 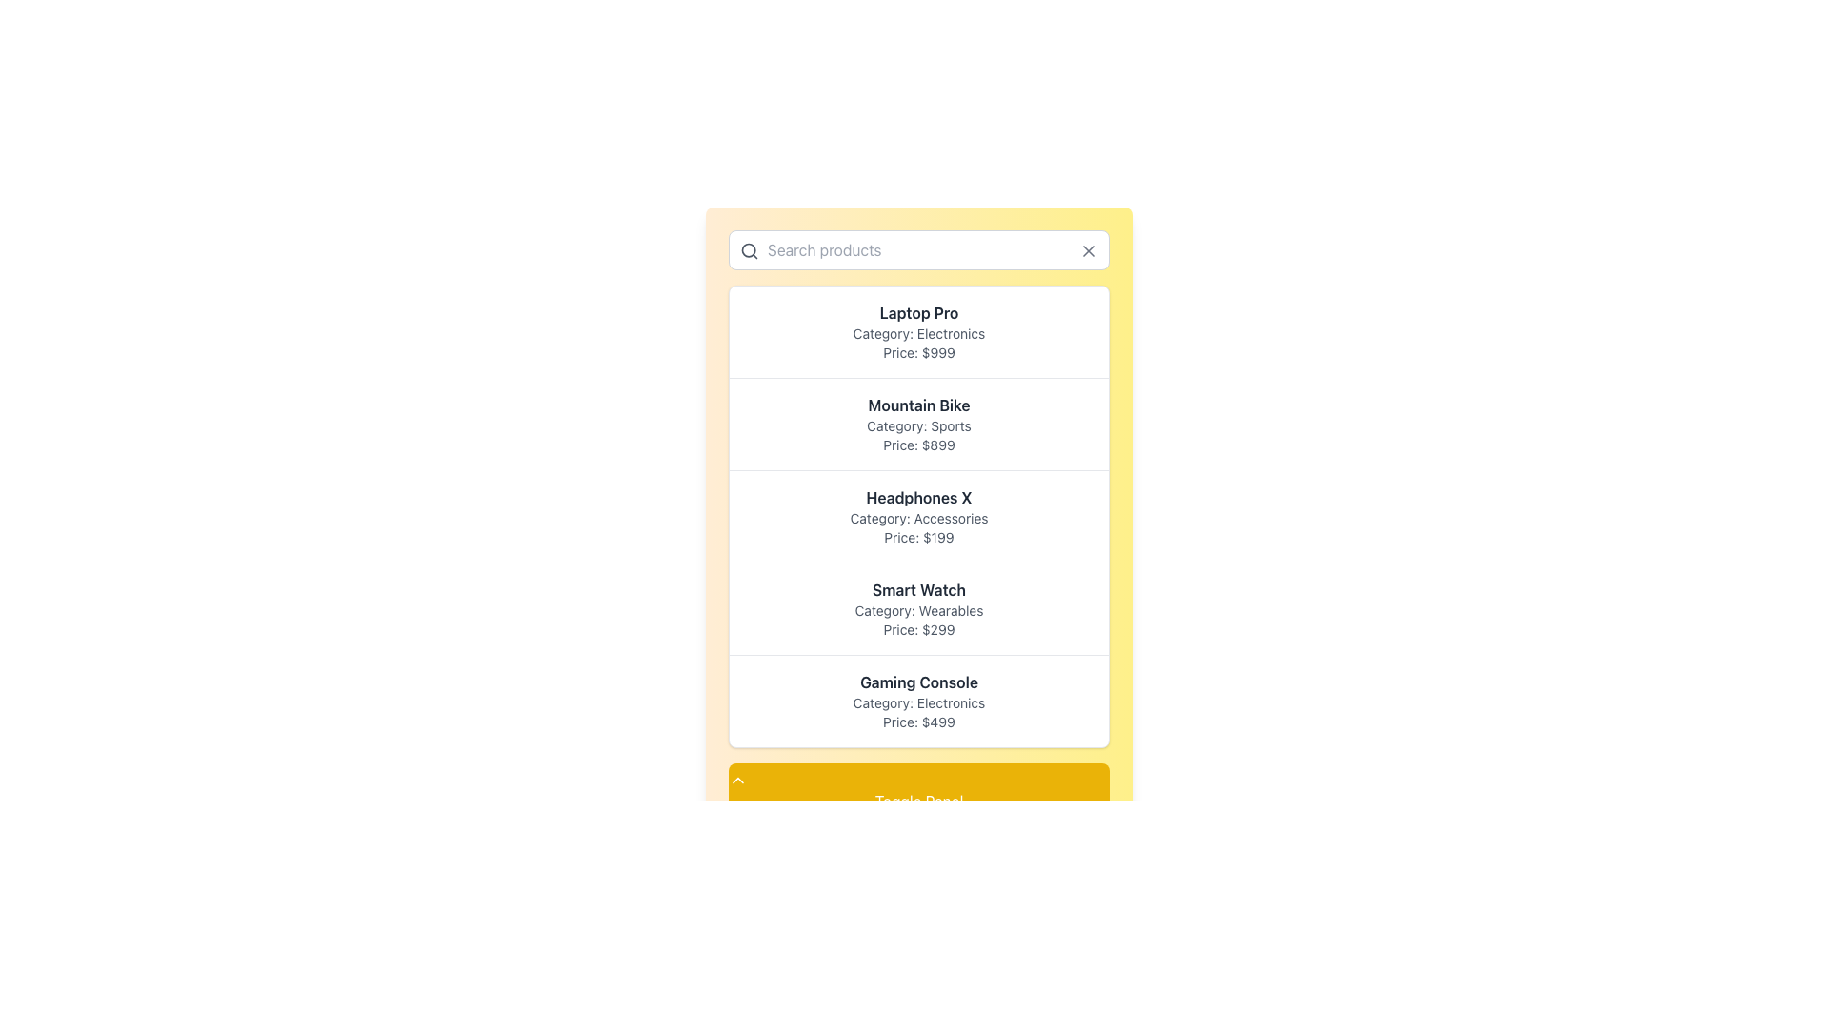 I want to click on the gray magnifying glass icon, which is the search symbol located at the top-left corner of the search bar, so click(x=749, y=249).